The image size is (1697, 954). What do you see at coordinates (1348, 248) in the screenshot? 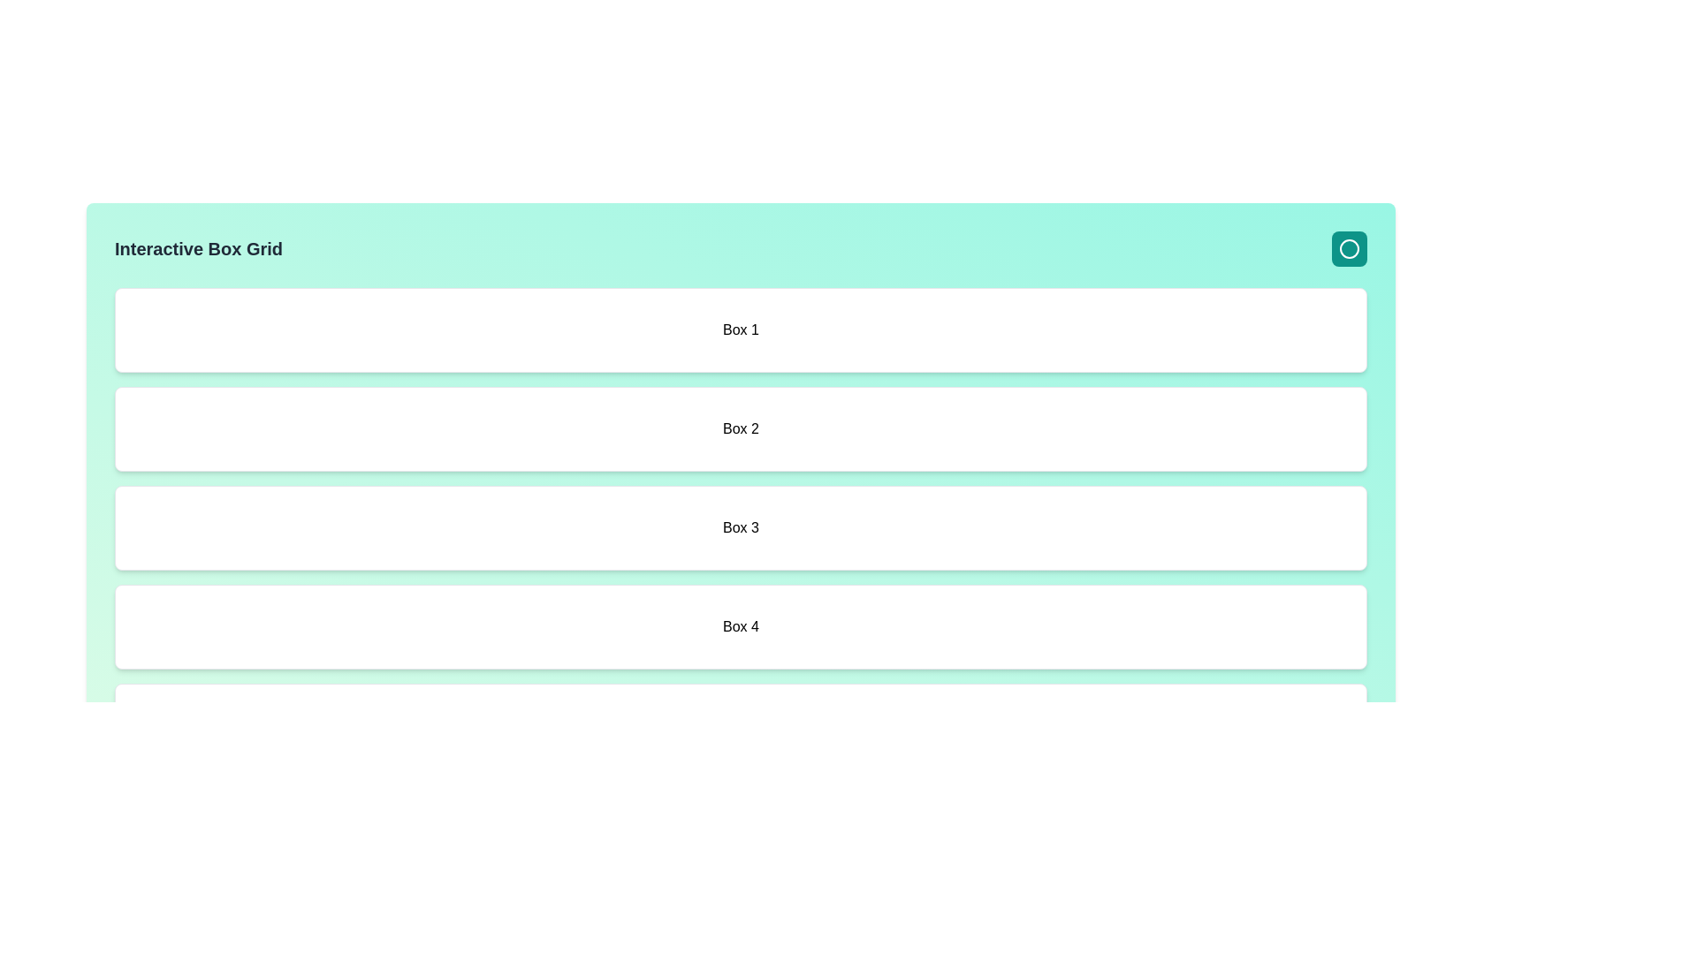
I see `SVG circle element located in the top-right corner of the interface, styled with a border-like appearance, by clicking on its center` at bounding box center [1348, 248].